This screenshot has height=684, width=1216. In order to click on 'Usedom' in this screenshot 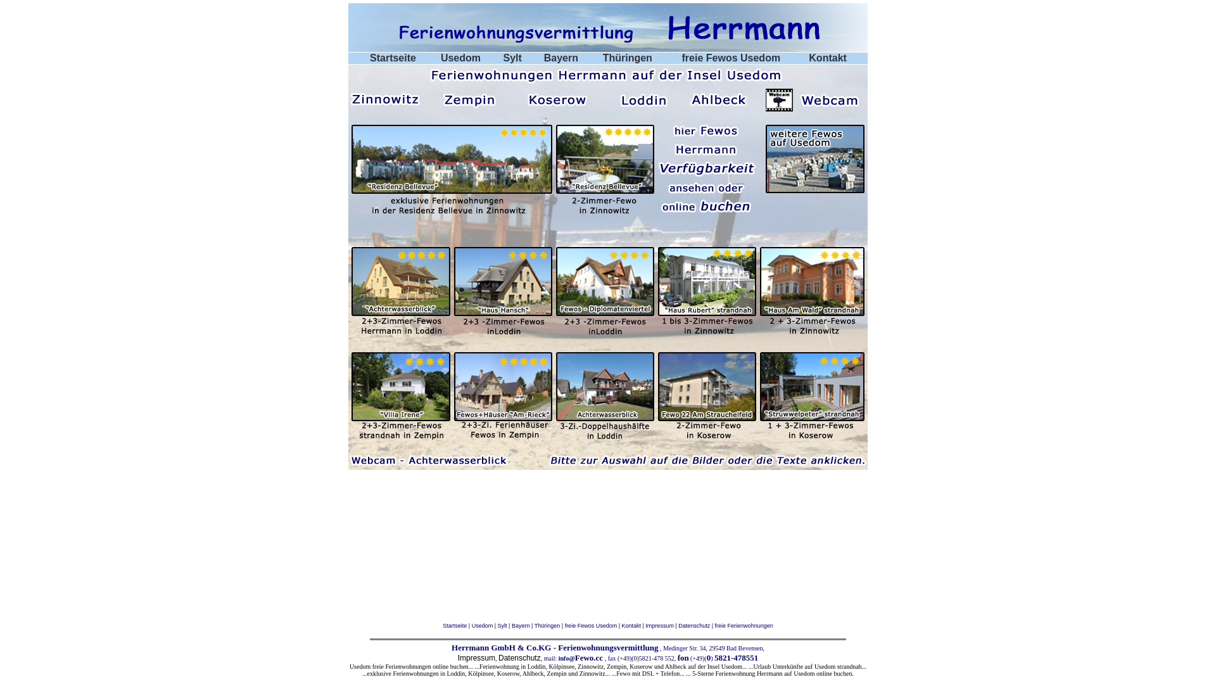, I will do `click(460, 58)`.